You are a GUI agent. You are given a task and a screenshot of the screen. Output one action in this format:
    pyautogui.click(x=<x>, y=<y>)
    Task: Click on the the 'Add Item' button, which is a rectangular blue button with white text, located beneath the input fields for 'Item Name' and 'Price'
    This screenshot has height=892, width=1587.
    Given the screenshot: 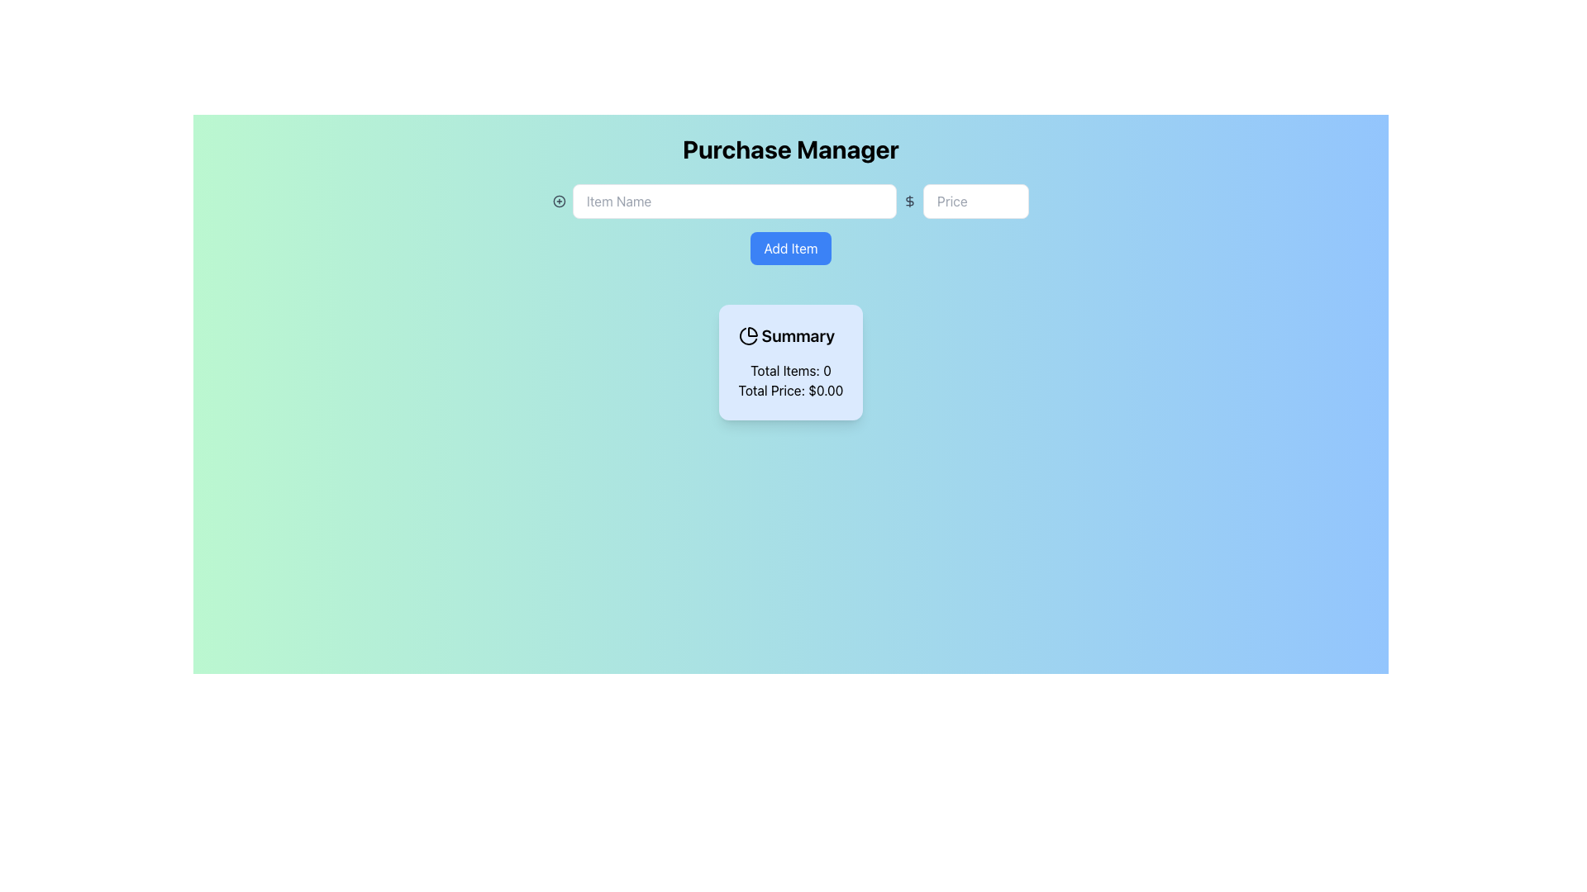 What is the action you would take?
    pyautogui.click(x=789, y=231)
    